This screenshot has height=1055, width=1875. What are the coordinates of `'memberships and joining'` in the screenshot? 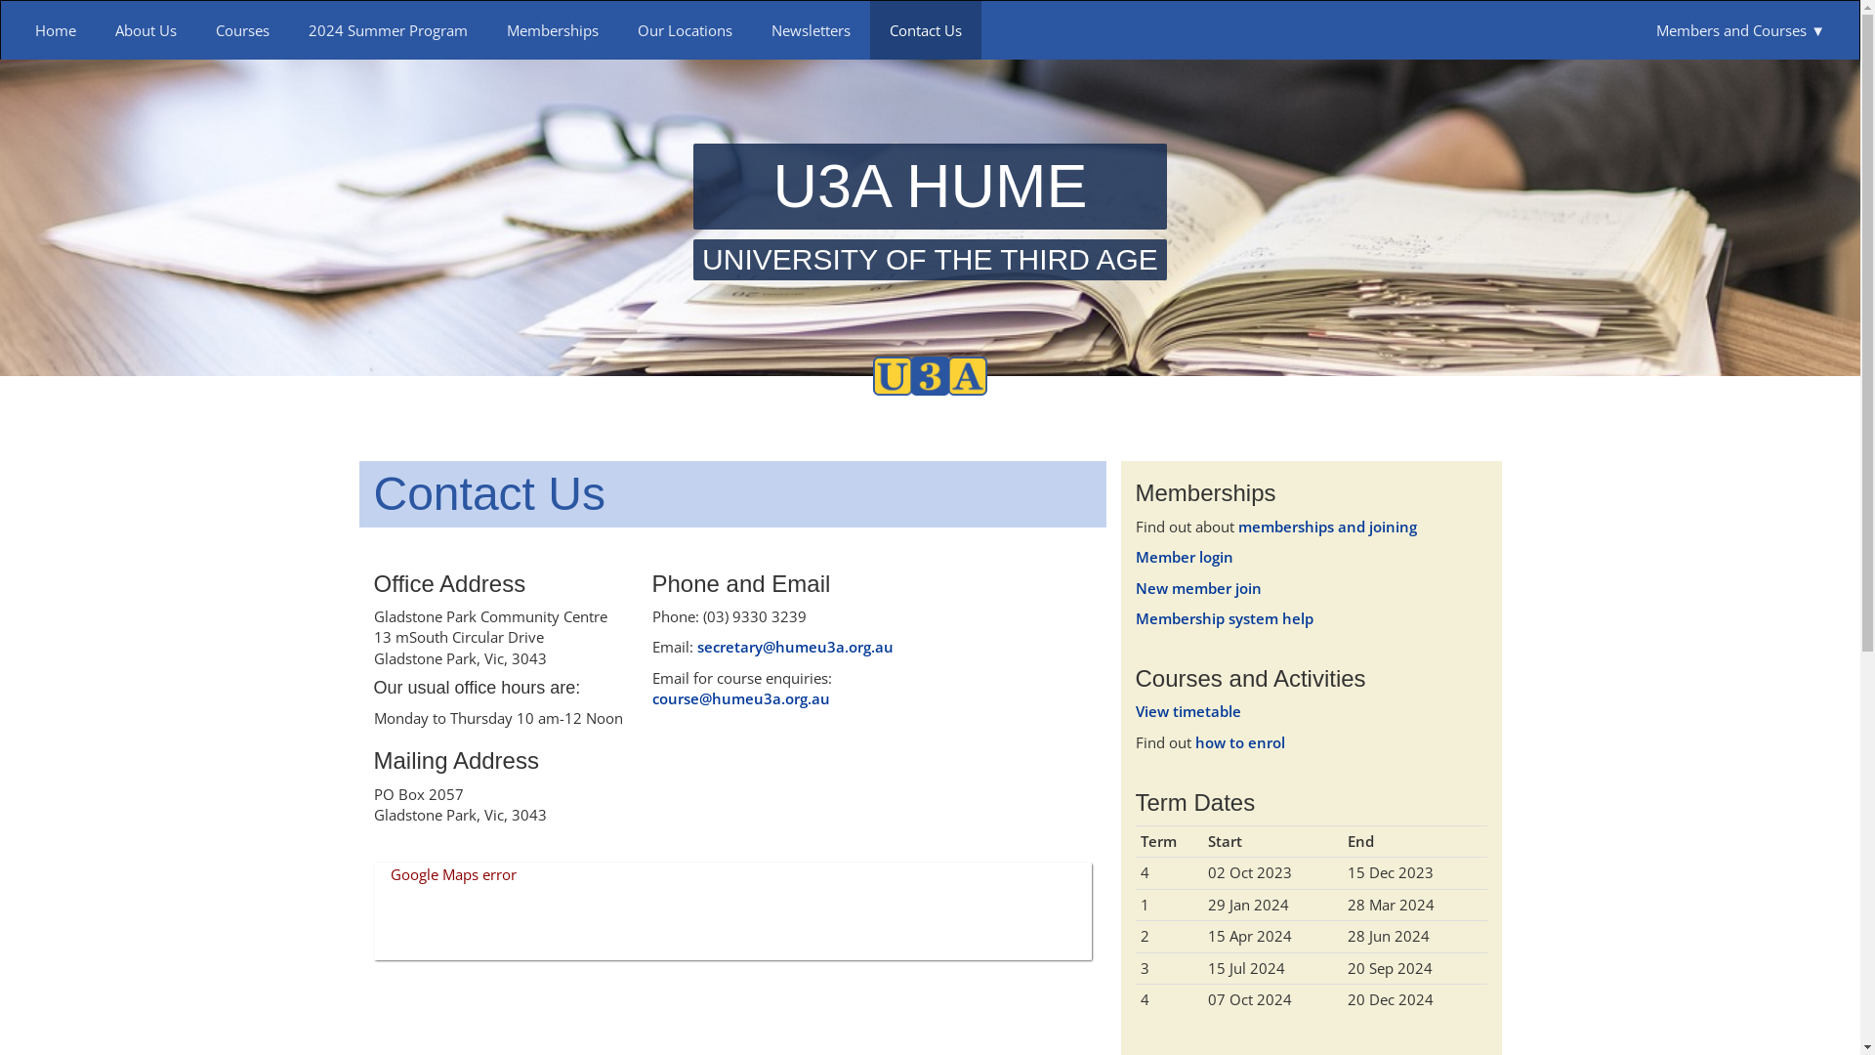 It's located at (1327, 526).